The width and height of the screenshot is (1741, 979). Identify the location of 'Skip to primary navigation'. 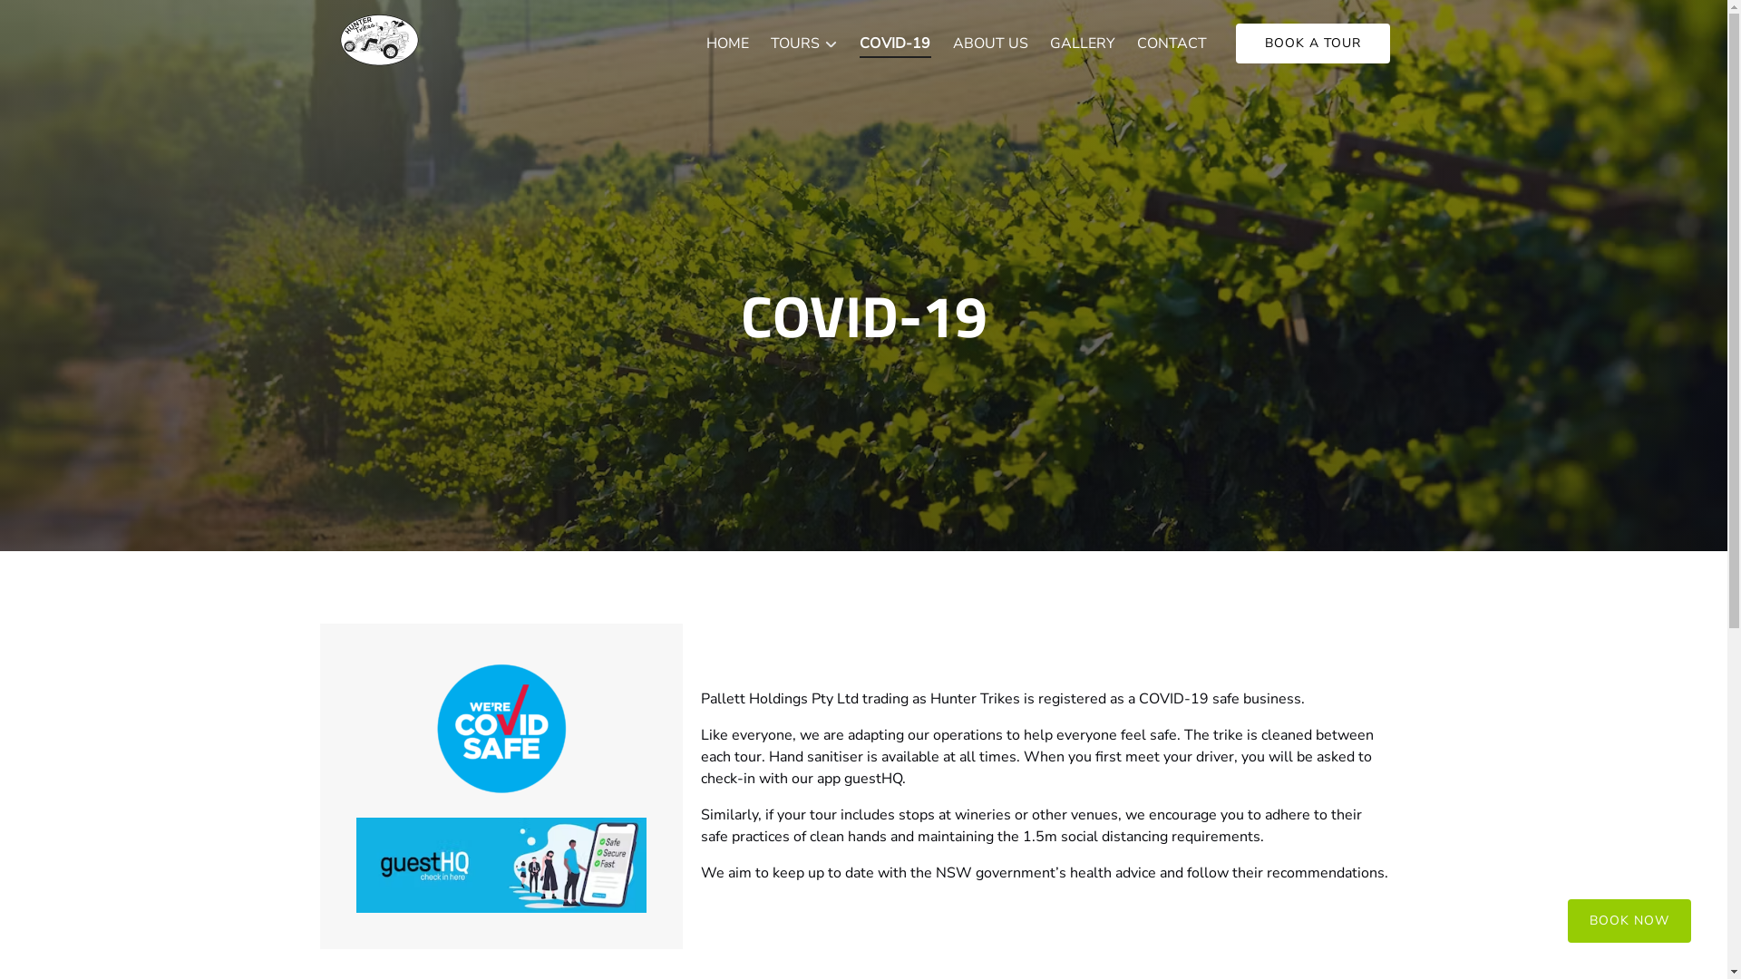
(8, 20).